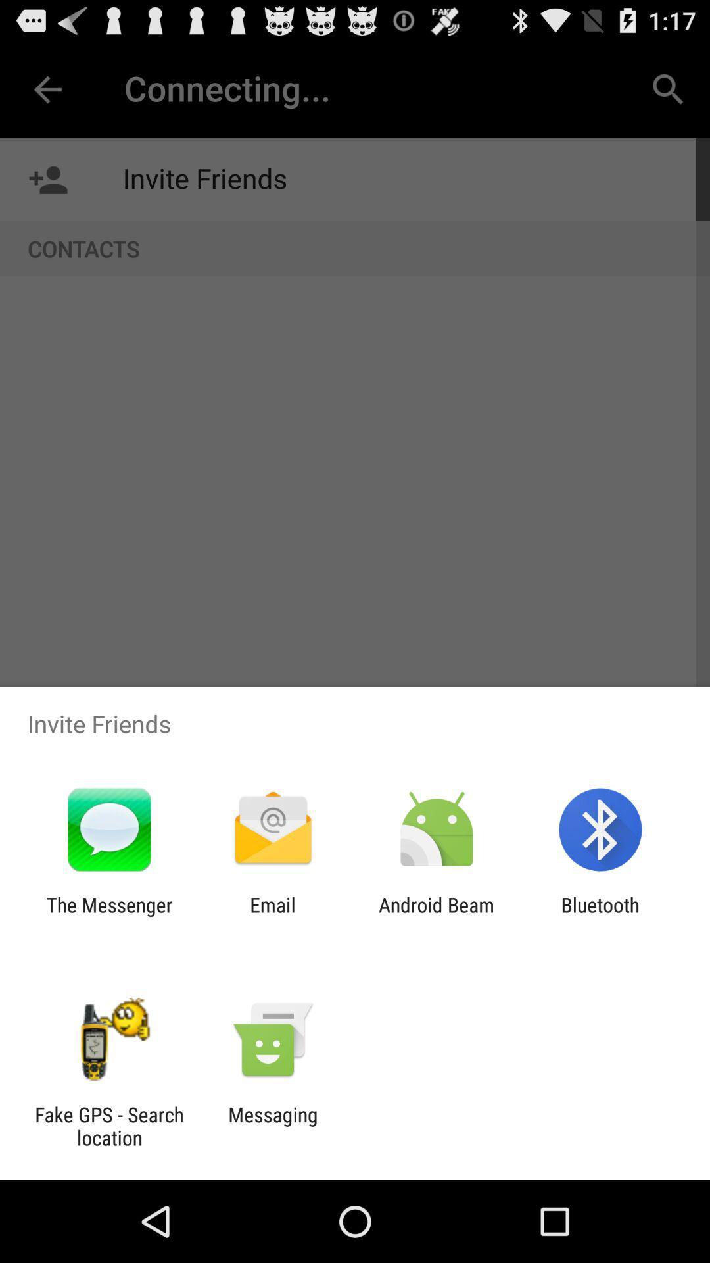 This screenshot has height=1263, width=710. I want to click on app to the left of the messaging icon, so click(108, 1126).